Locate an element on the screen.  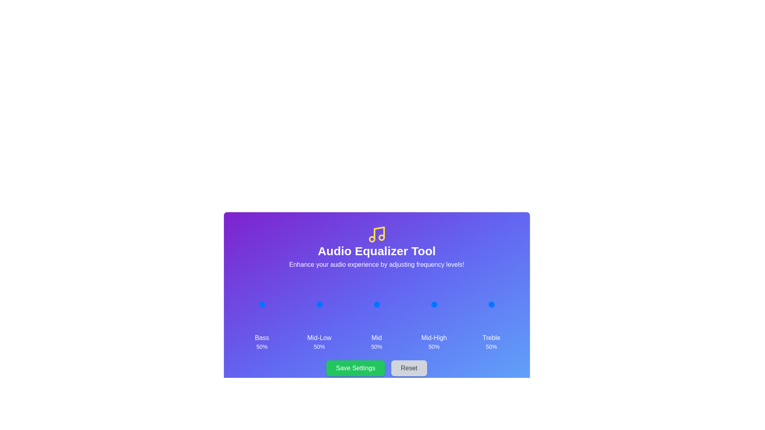
the Treble Slider to observe hover effects is located at coordinates (491, 304).